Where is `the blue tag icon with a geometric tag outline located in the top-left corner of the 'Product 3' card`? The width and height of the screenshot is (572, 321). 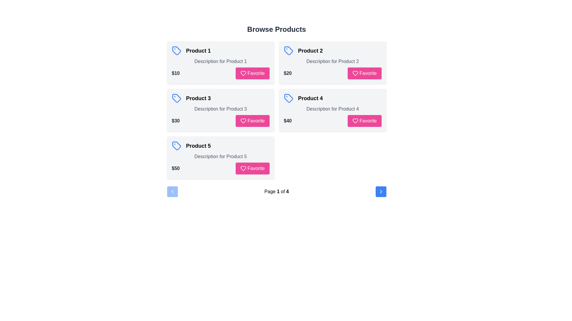
the blue tag icon with a geometric tag outline located in the top-left corner of the 'Product 3' card is located at coordinates (176, 98).